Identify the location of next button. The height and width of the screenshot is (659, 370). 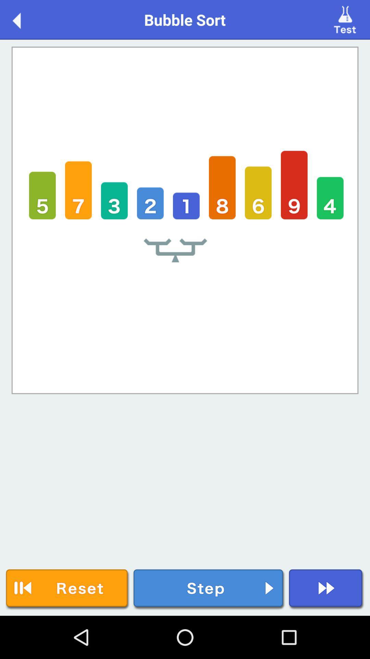
(326, 589).